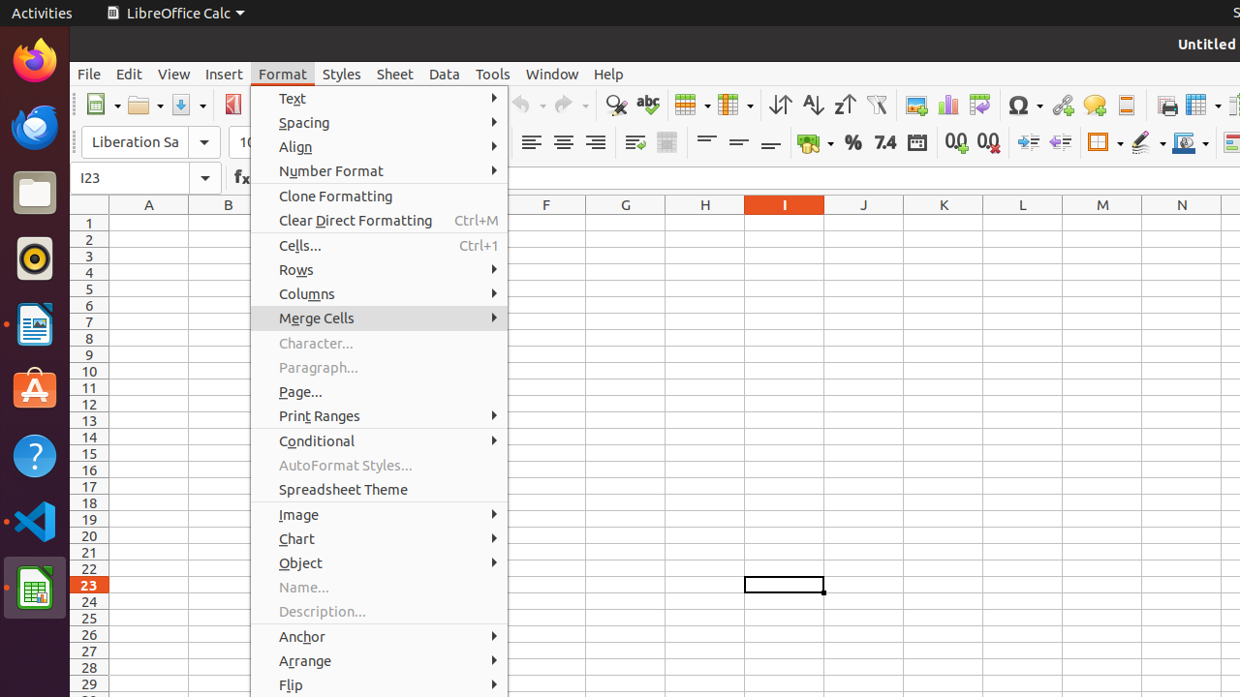  Describe the element at coordinates (594, 141) in the screenshot. I see `'Align Right'` at that location.